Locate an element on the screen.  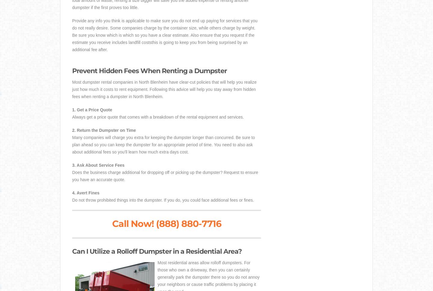
'4. Avert Fines' is located at coordinates (85, 193).